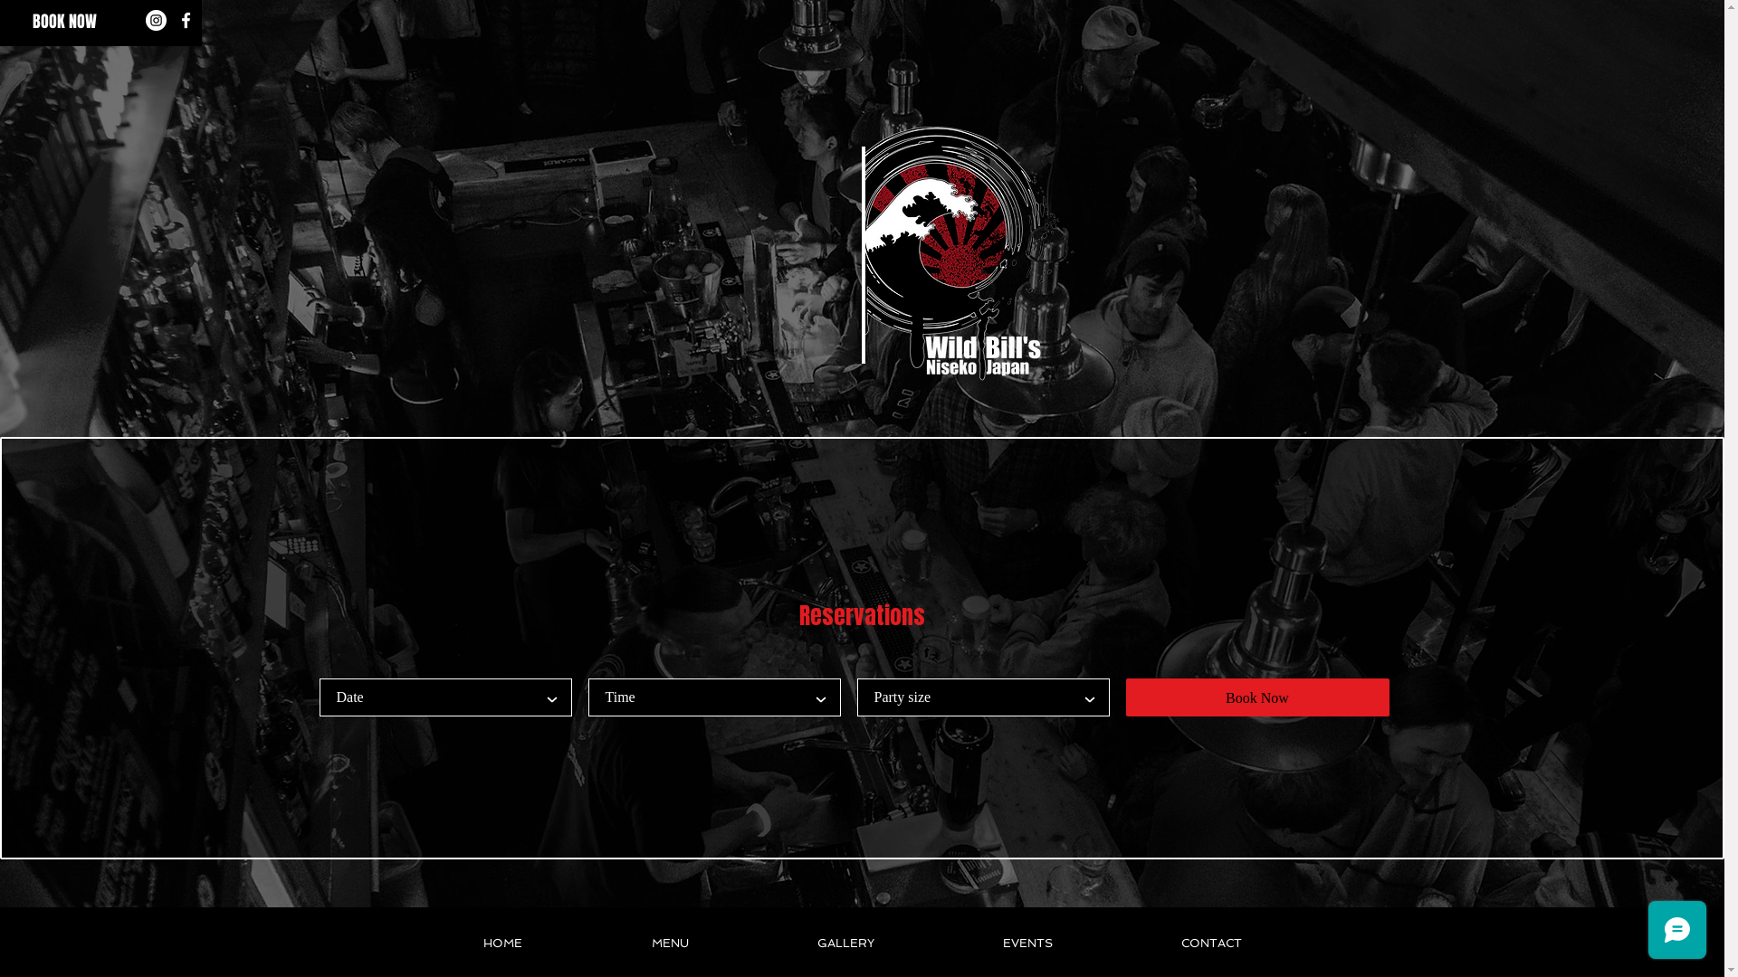 The height and width of the screenshot is (977, 1738). Describe the element at coordinates (64, 22) in the screenshot. I see `'BOOK NOW'` at that location.